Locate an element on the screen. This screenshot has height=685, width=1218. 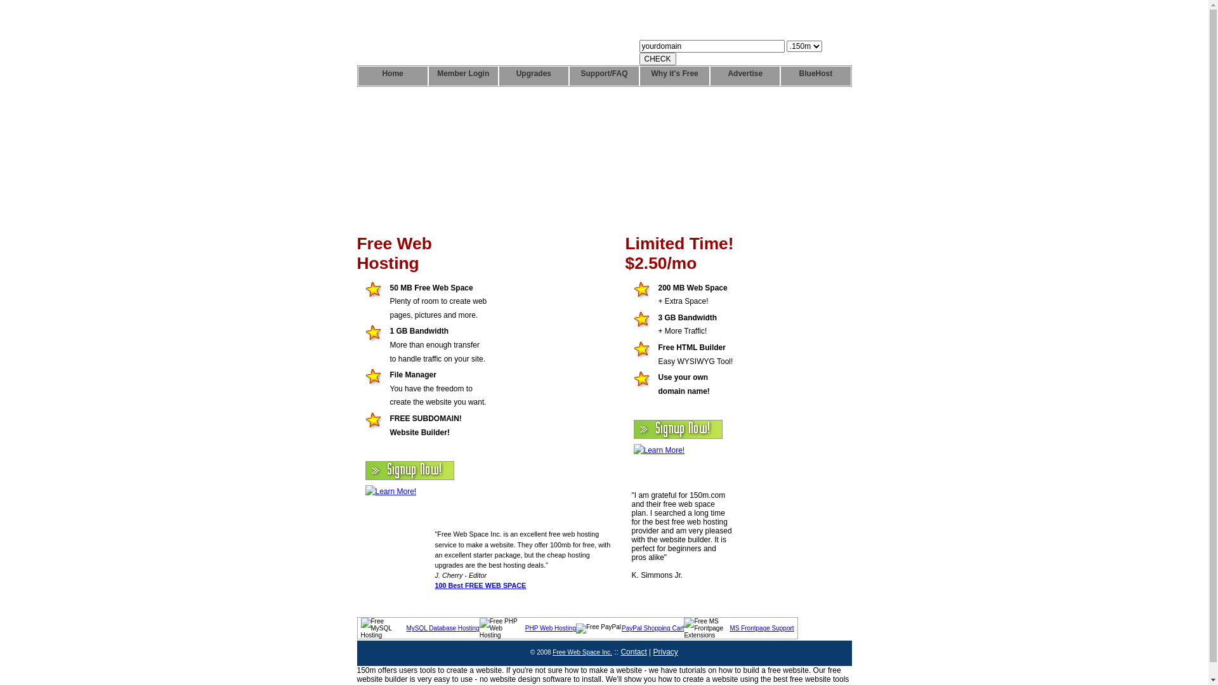
'PHP Web Hosting' is located at coordinates (551, 628).